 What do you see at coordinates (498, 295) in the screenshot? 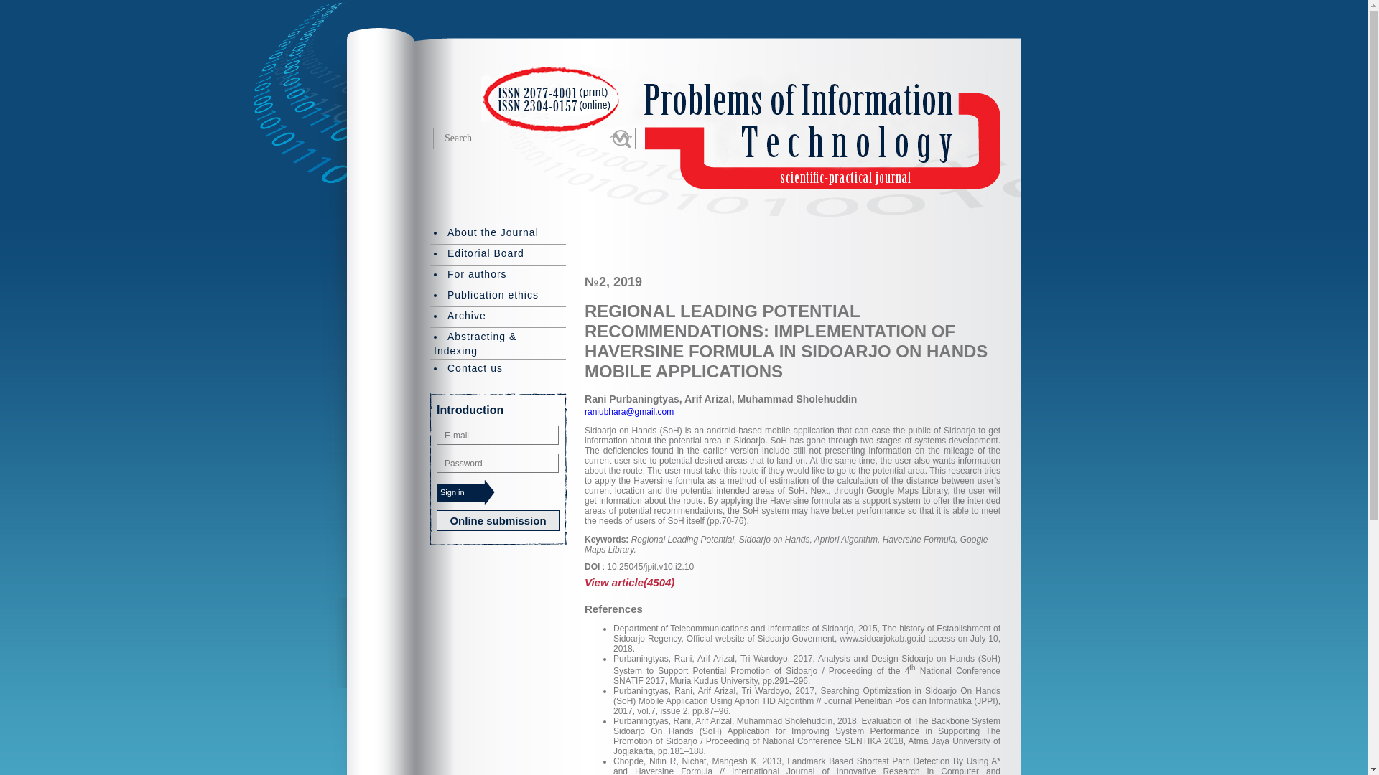
I see `'Publication ethics'` at bounding box center [498, 295].